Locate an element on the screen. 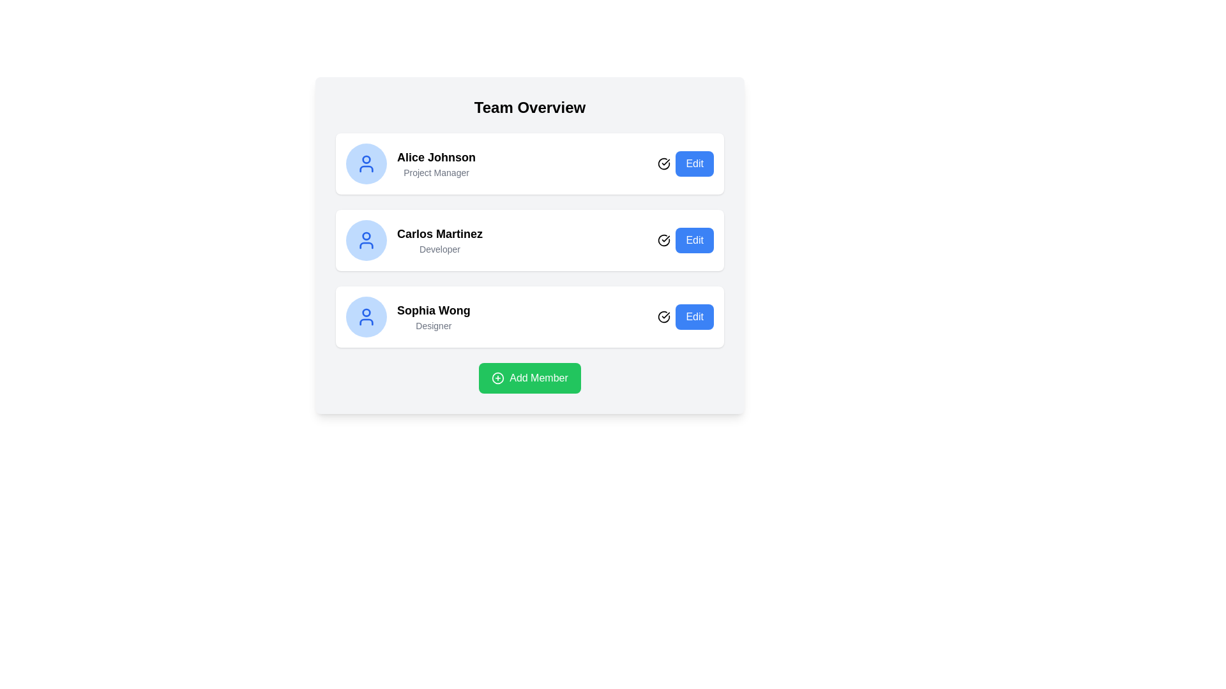 The image size is (1226, 689). the circular checkmark icon located immediately to the left of the 'Edit' button for 'Carlos Martinez' is located at coordinates (664, 241).